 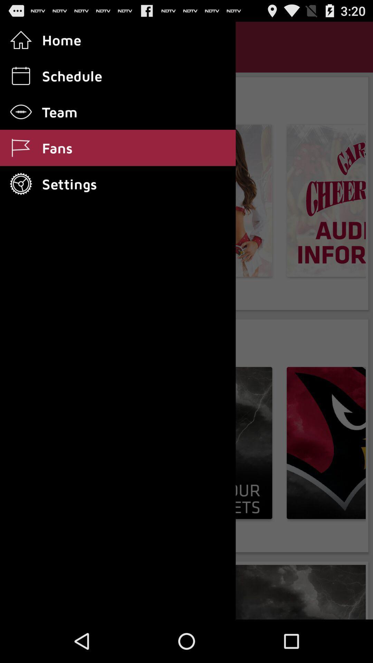 I want to click on the second image of the page, so click(x=326, y=443).